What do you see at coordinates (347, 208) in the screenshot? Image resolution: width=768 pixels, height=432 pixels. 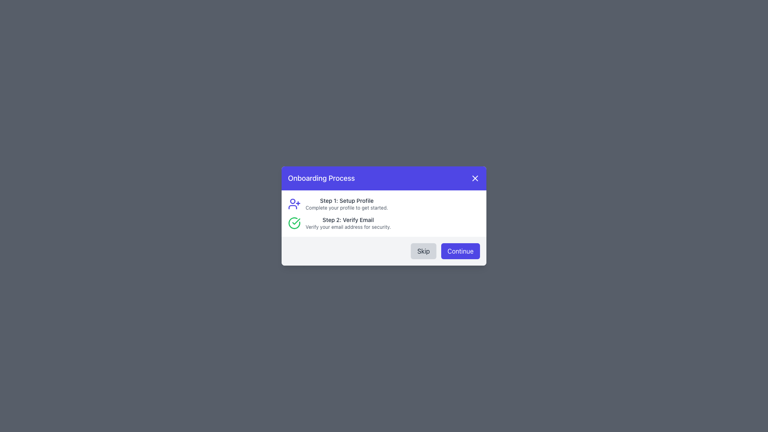 I see `text label that says 'Complete your profile to get started.' which is positioned below the heading 'Step 1: Setup Profile' in the onboarding process panel` at bounding box center [347, 208].